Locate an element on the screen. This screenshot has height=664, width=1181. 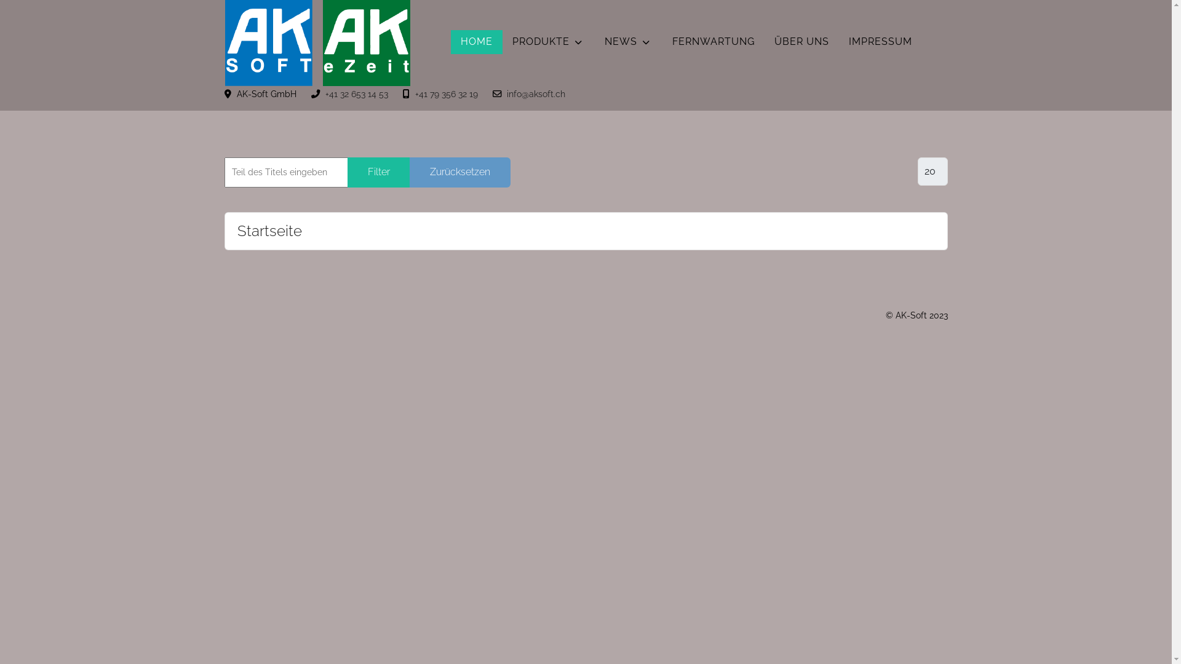
'FERNWARTUNG' is located at coordinates (712, 41).